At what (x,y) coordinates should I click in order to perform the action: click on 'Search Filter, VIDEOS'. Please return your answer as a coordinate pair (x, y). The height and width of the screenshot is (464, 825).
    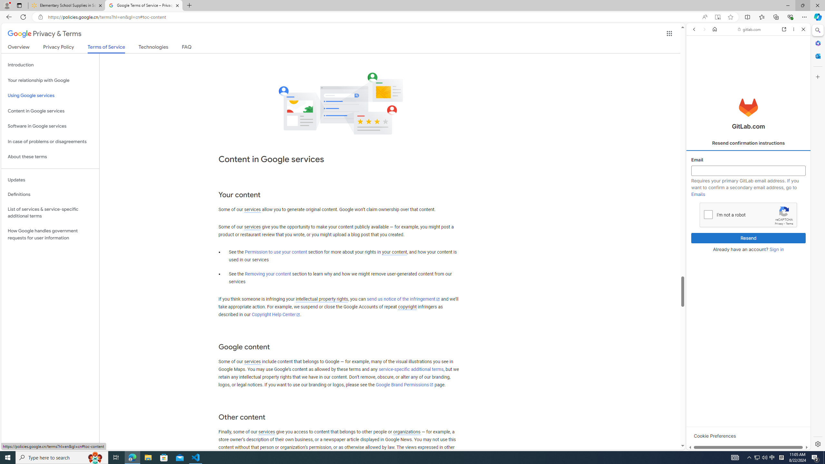
    Looking at the image, I should click on (735, 73).